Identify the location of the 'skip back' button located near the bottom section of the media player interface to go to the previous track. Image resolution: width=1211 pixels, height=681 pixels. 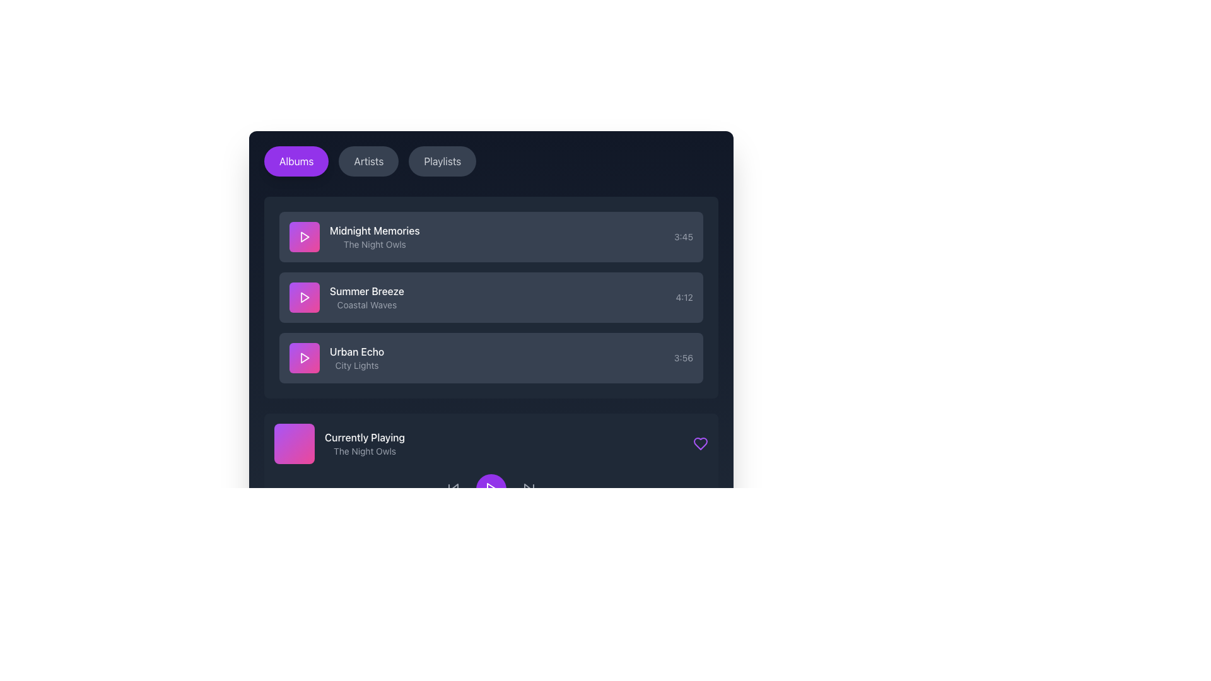
(453, 488).